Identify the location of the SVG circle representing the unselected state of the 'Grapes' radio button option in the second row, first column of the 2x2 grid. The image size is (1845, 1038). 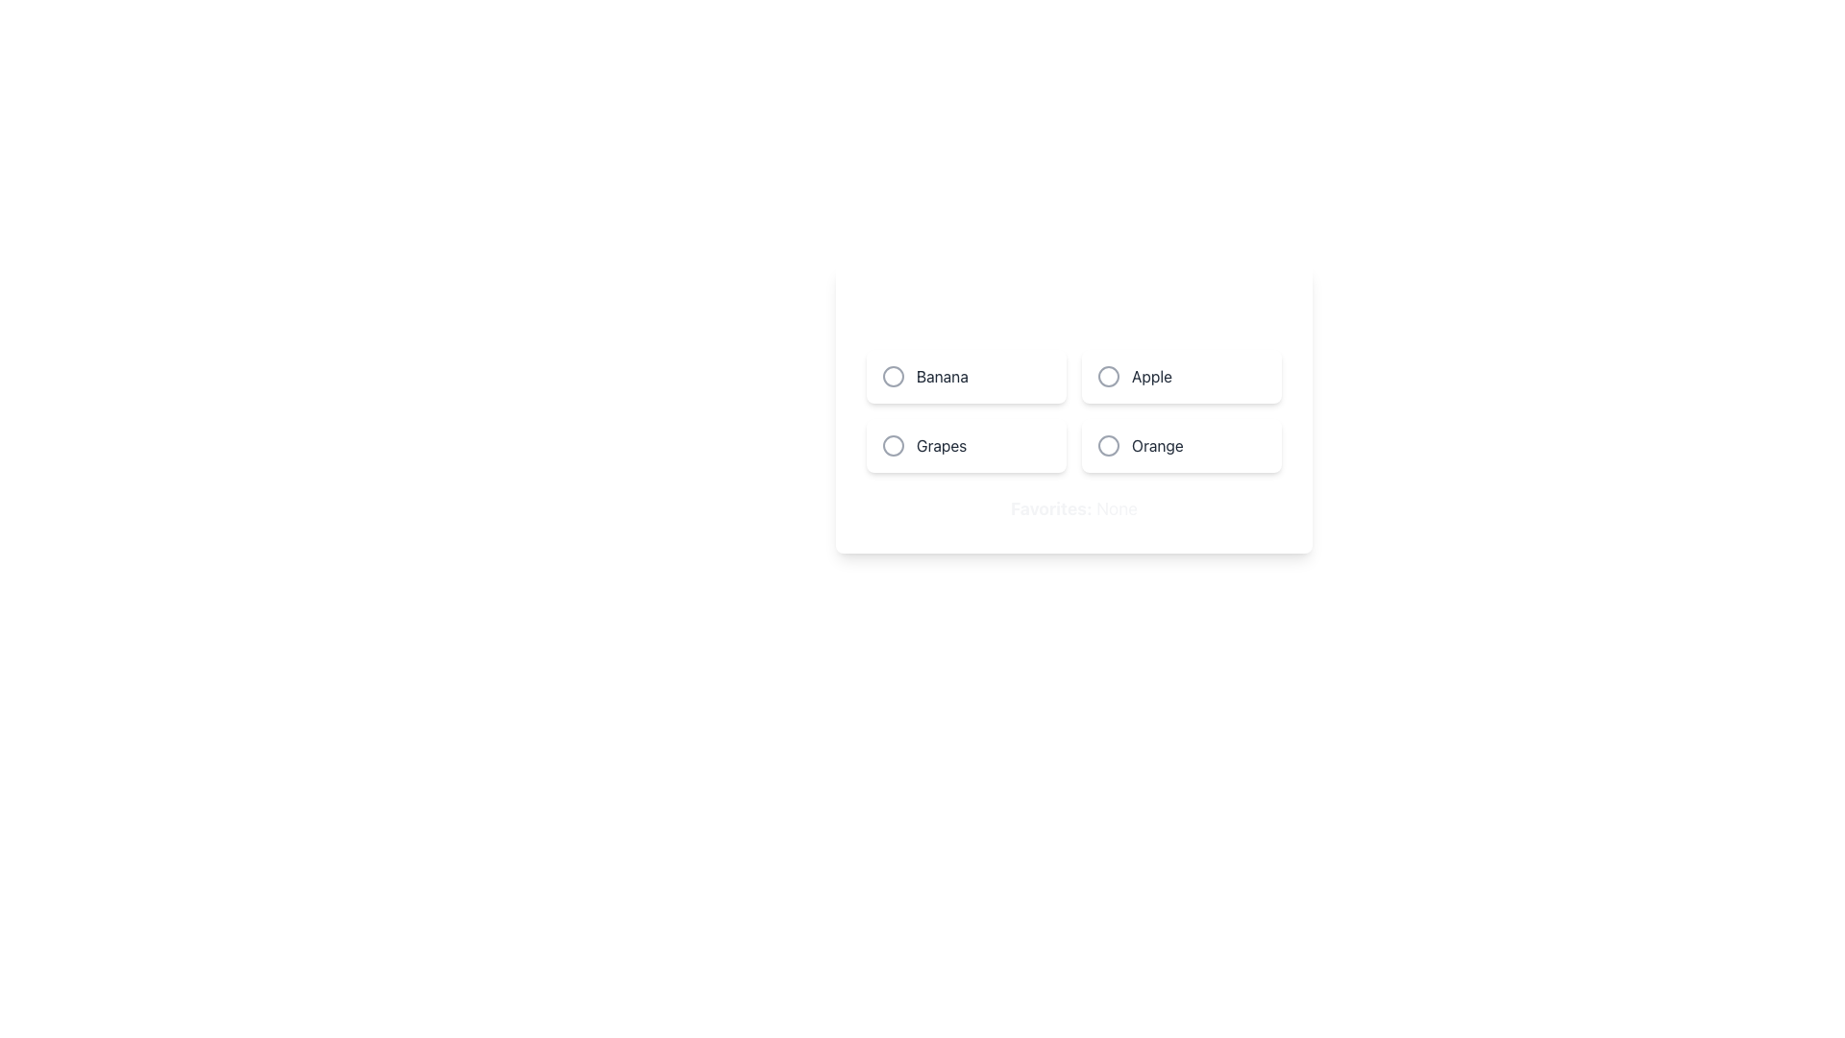
(893, 445).